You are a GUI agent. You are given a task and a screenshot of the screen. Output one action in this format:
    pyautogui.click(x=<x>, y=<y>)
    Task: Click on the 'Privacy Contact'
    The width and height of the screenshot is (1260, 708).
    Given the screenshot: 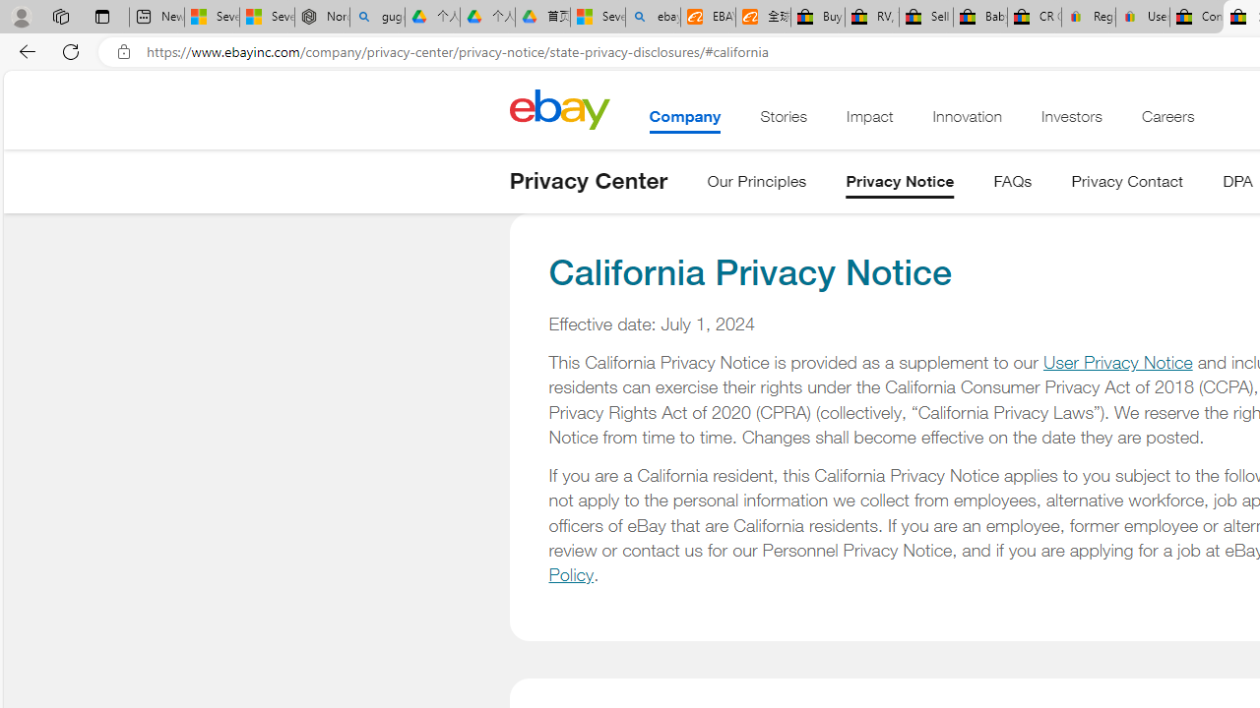 What is the action you would take?
    pyautogui.click(x=1127, y=185)
    